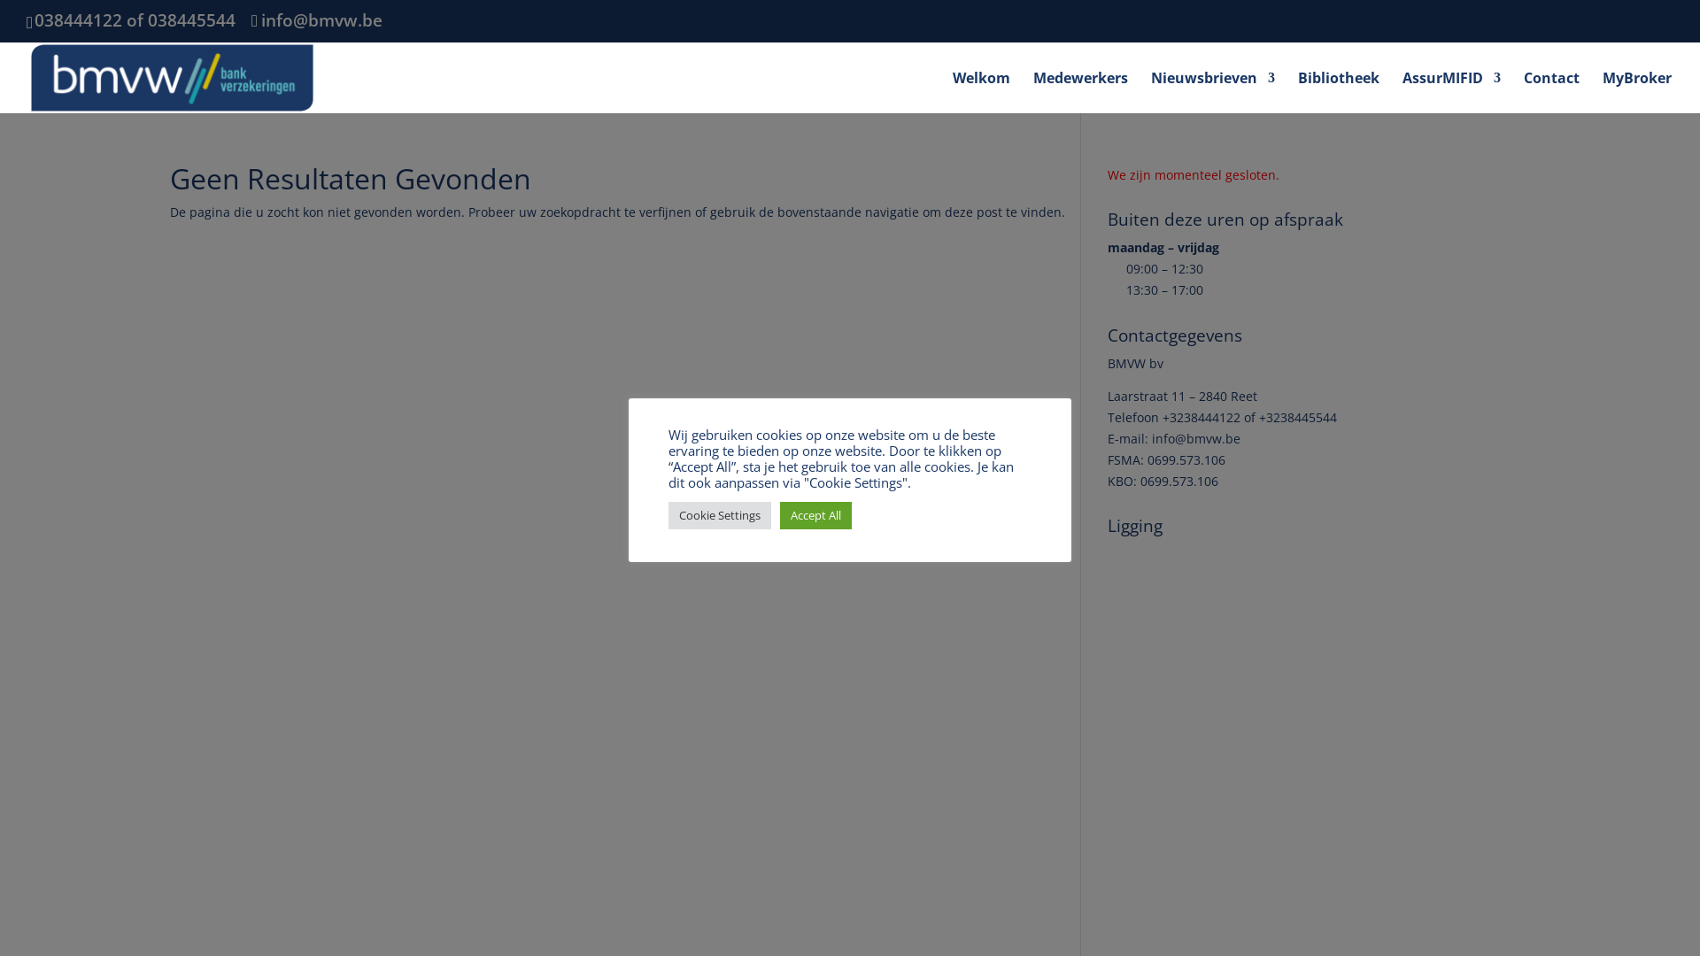  Describe the element at coordinates (1211, 91) in the screenshot. I see `'Nieuwsbrieven'` at that location.